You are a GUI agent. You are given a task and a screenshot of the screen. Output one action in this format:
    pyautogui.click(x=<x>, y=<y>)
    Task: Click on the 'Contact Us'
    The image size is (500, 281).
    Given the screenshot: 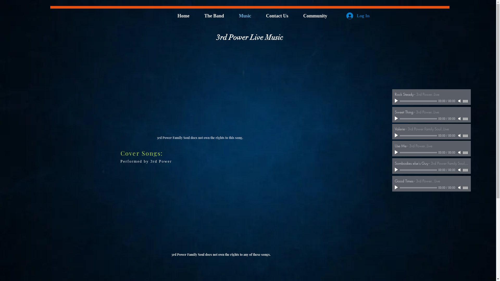 What is the action you would take?
    pyautogui.click(x=262, y=16)
    